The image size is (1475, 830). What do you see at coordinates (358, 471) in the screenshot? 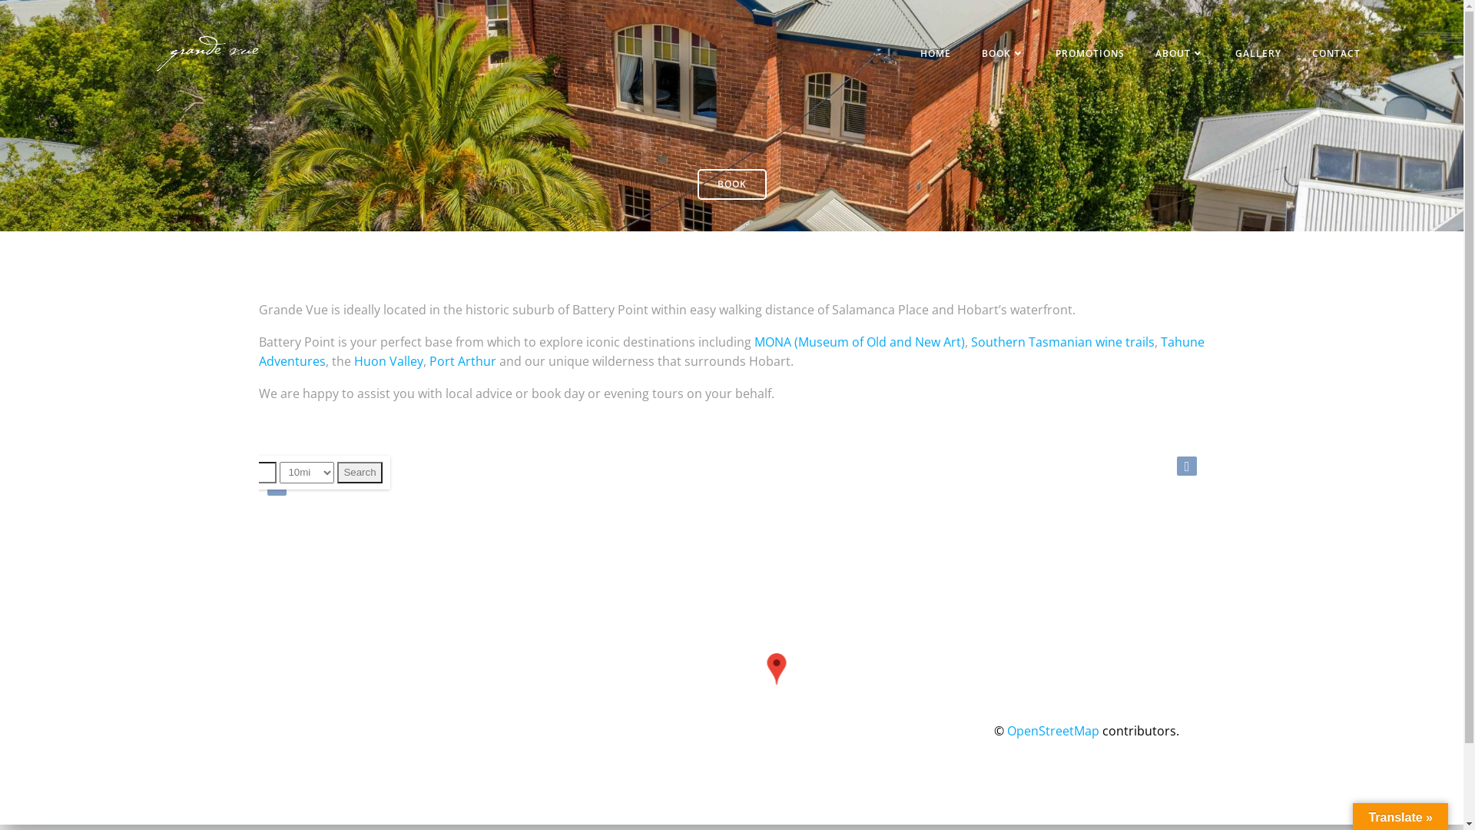
I see `'Search'` at bounding box center [358, 471].